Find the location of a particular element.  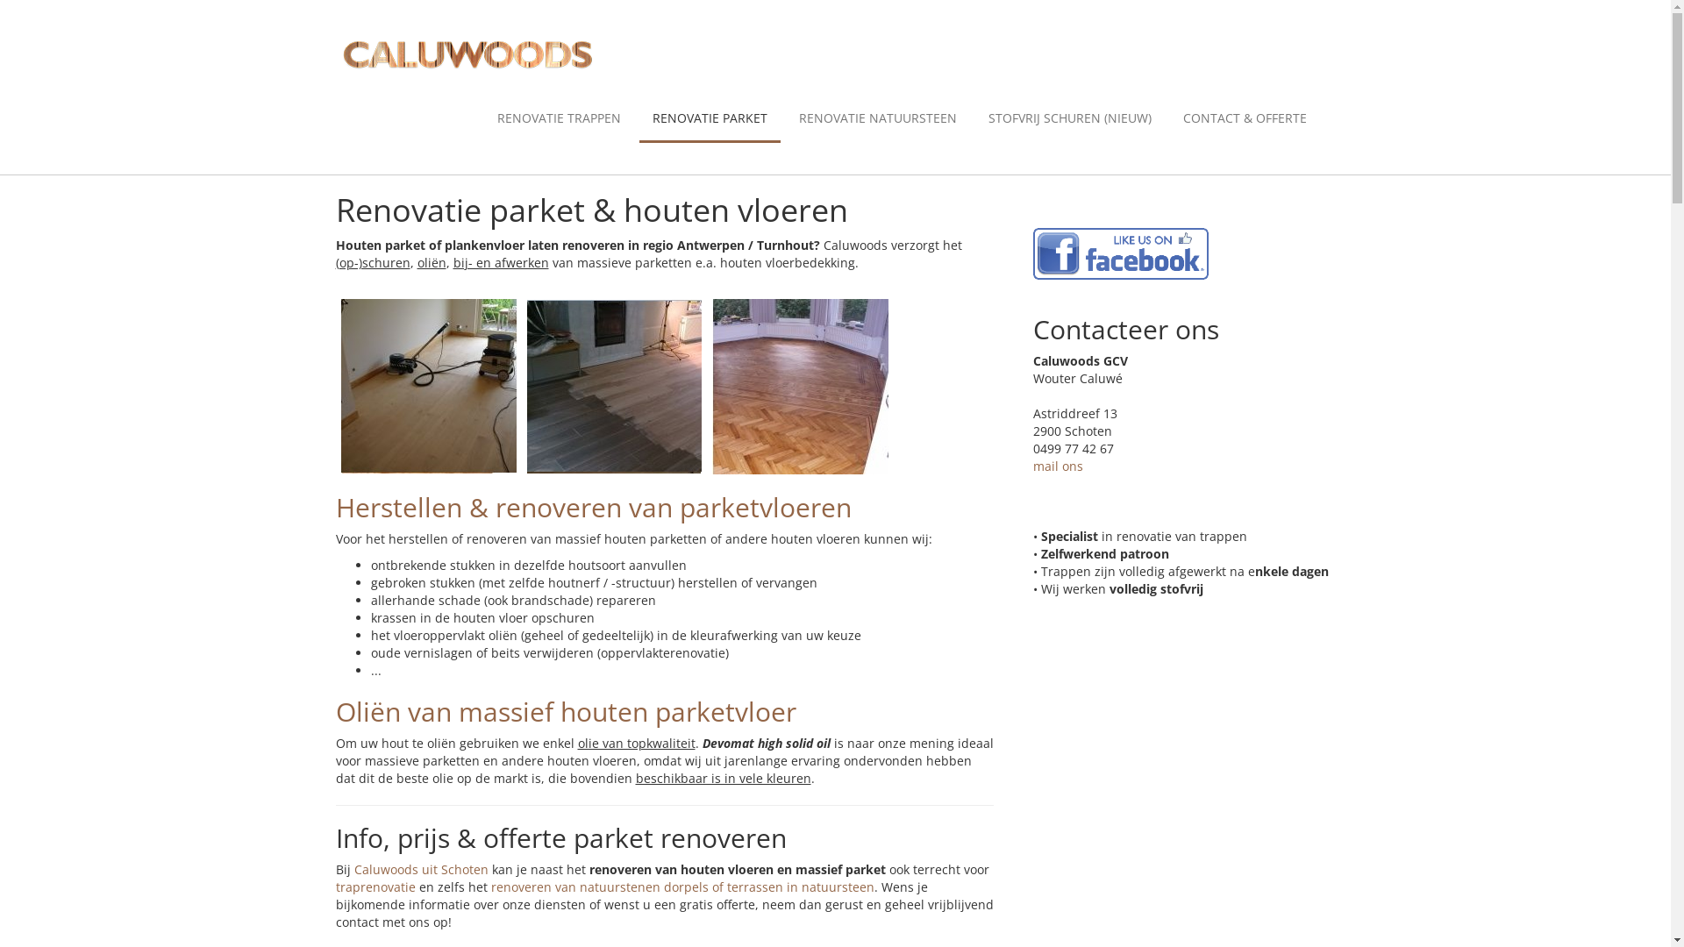

'CONTACT & OFFERTE' is located at coordinates (1244, 118).